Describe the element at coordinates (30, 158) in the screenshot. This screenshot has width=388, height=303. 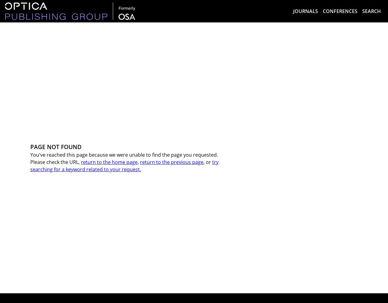
I see `'You've reached this page because we were unable to find the page you requested. Please check the URL,'` at that location.